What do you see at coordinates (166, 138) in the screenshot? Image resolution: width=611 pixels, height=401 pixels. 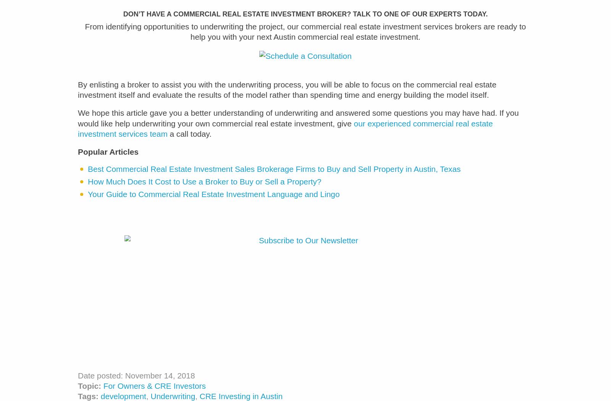 I see `'a call today.'` at bounding box center [166, 138].